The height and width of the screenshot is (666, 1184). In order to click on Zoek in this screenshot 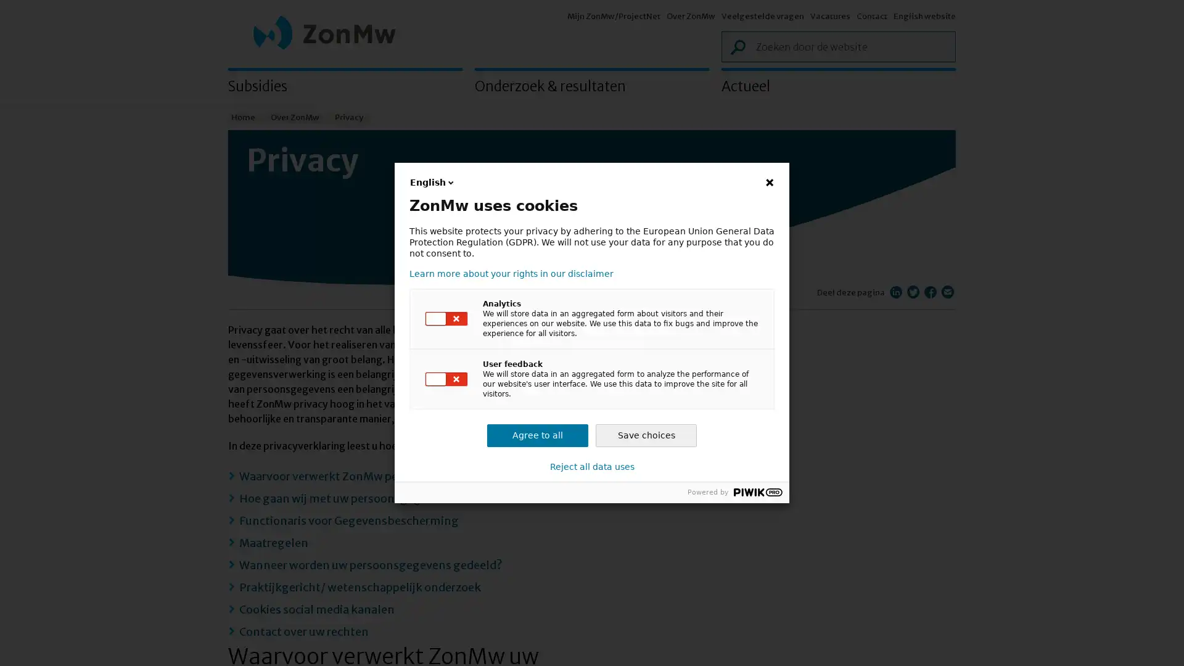, I will do `click(738, 46)`.